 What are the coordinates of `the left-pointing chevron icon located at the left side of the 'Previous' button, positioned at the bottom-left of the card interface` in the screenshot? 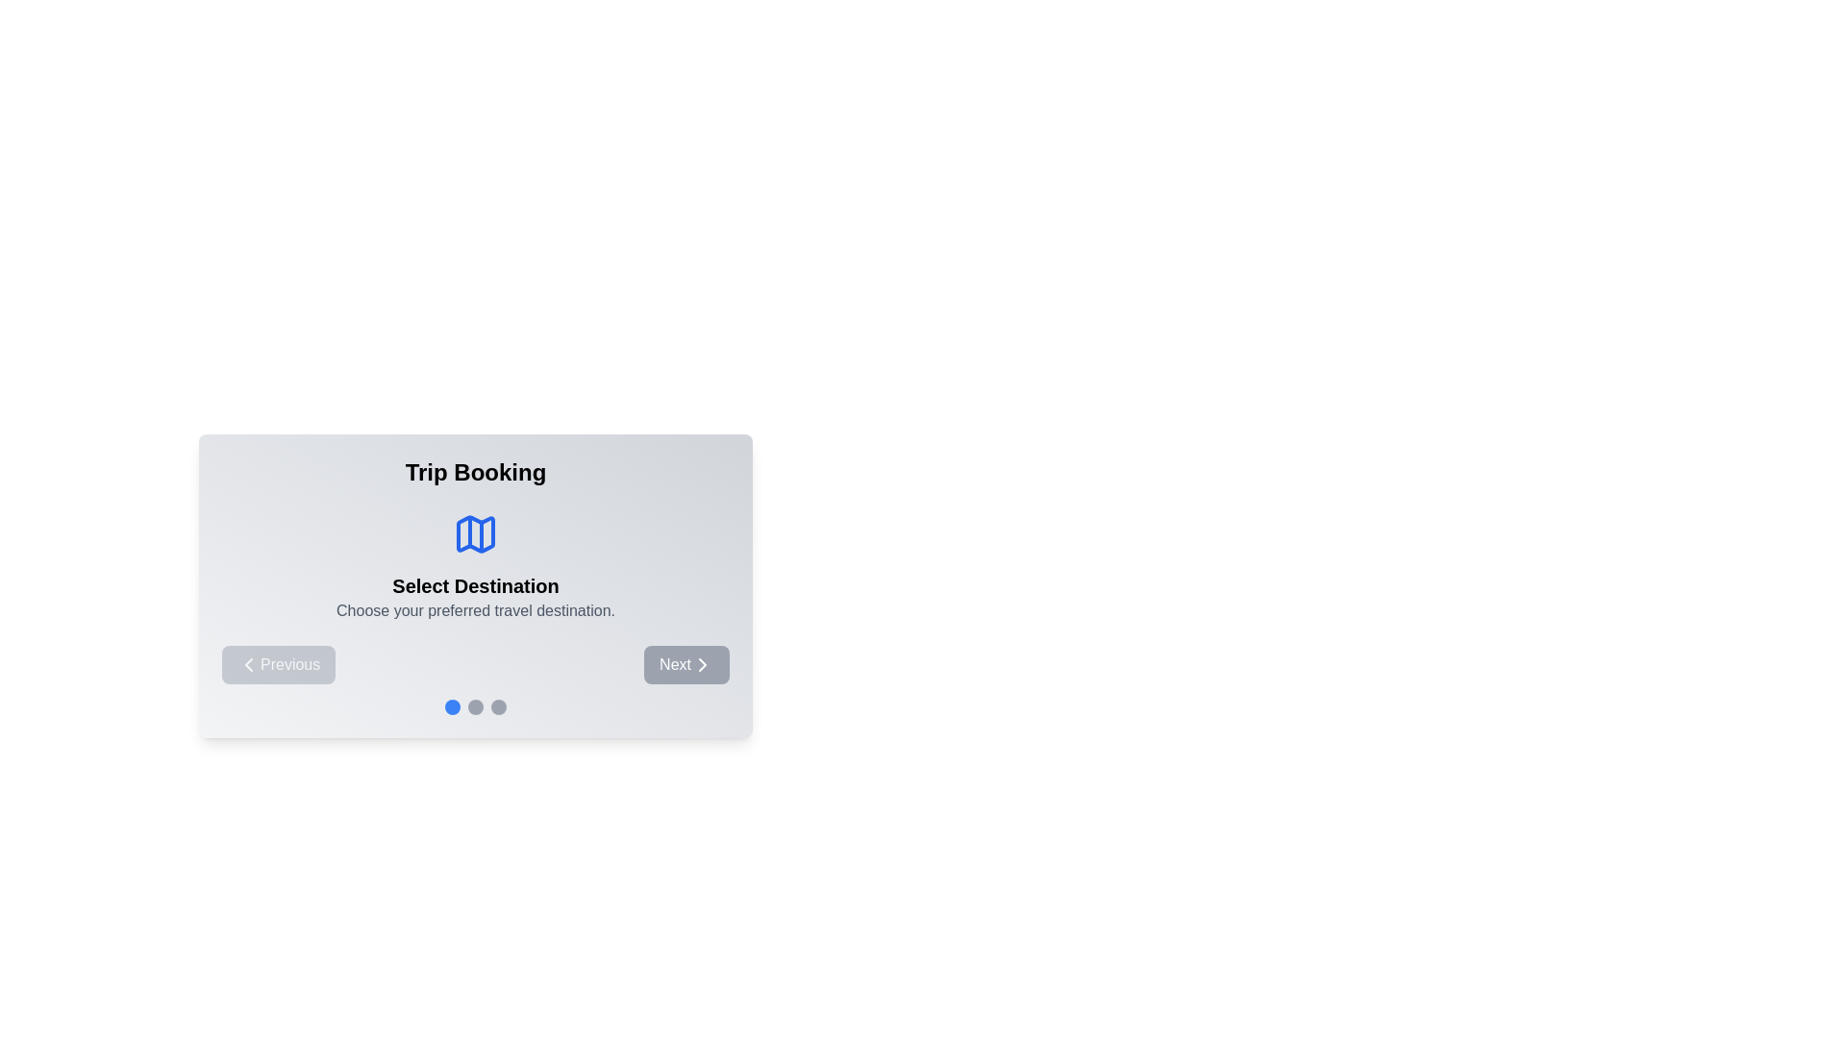 It's located at (248, 663).